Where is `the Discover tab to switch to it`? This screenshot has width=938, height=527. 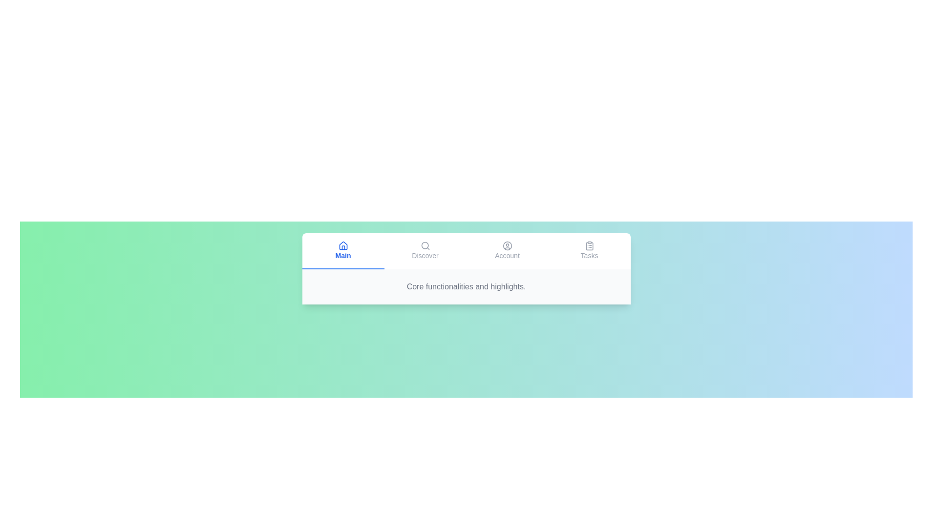
the Discover tab to switch to it is located at coordinates (425, 251).